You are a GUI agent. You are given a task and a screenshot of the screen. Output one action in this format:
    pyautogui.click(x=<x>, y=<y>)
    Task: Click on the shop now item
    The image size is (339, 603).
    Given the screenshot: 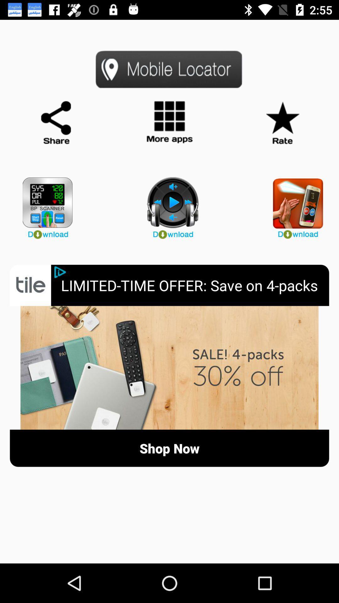 What is the action you would take?
    pyautogui.click(x=169, y=448)
    